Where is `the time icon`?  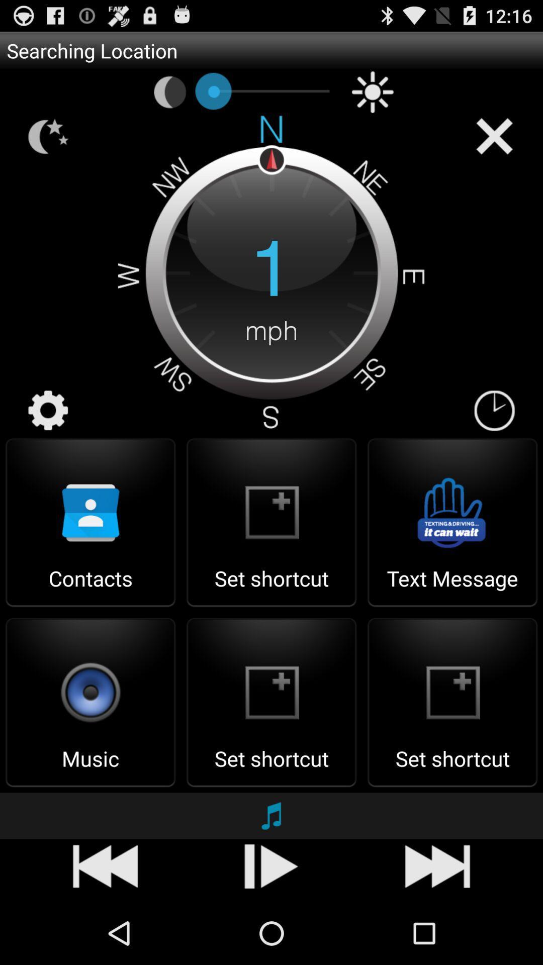 the time icon is located at coordinates (494, 439).